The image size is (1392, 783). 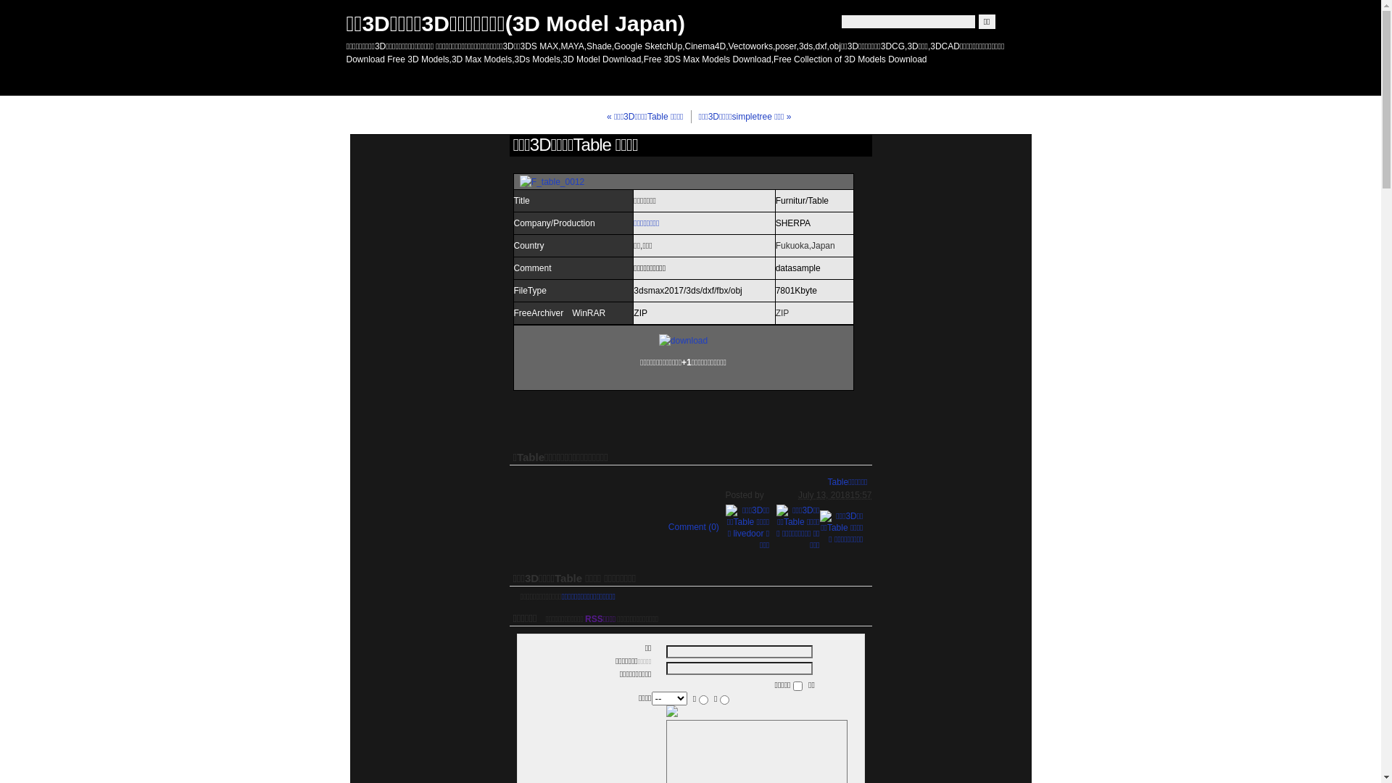 What do you see at coordinates (551, 181) in the screenshot?
I see `'F_table_0012'` at bounding box center [551, 181].